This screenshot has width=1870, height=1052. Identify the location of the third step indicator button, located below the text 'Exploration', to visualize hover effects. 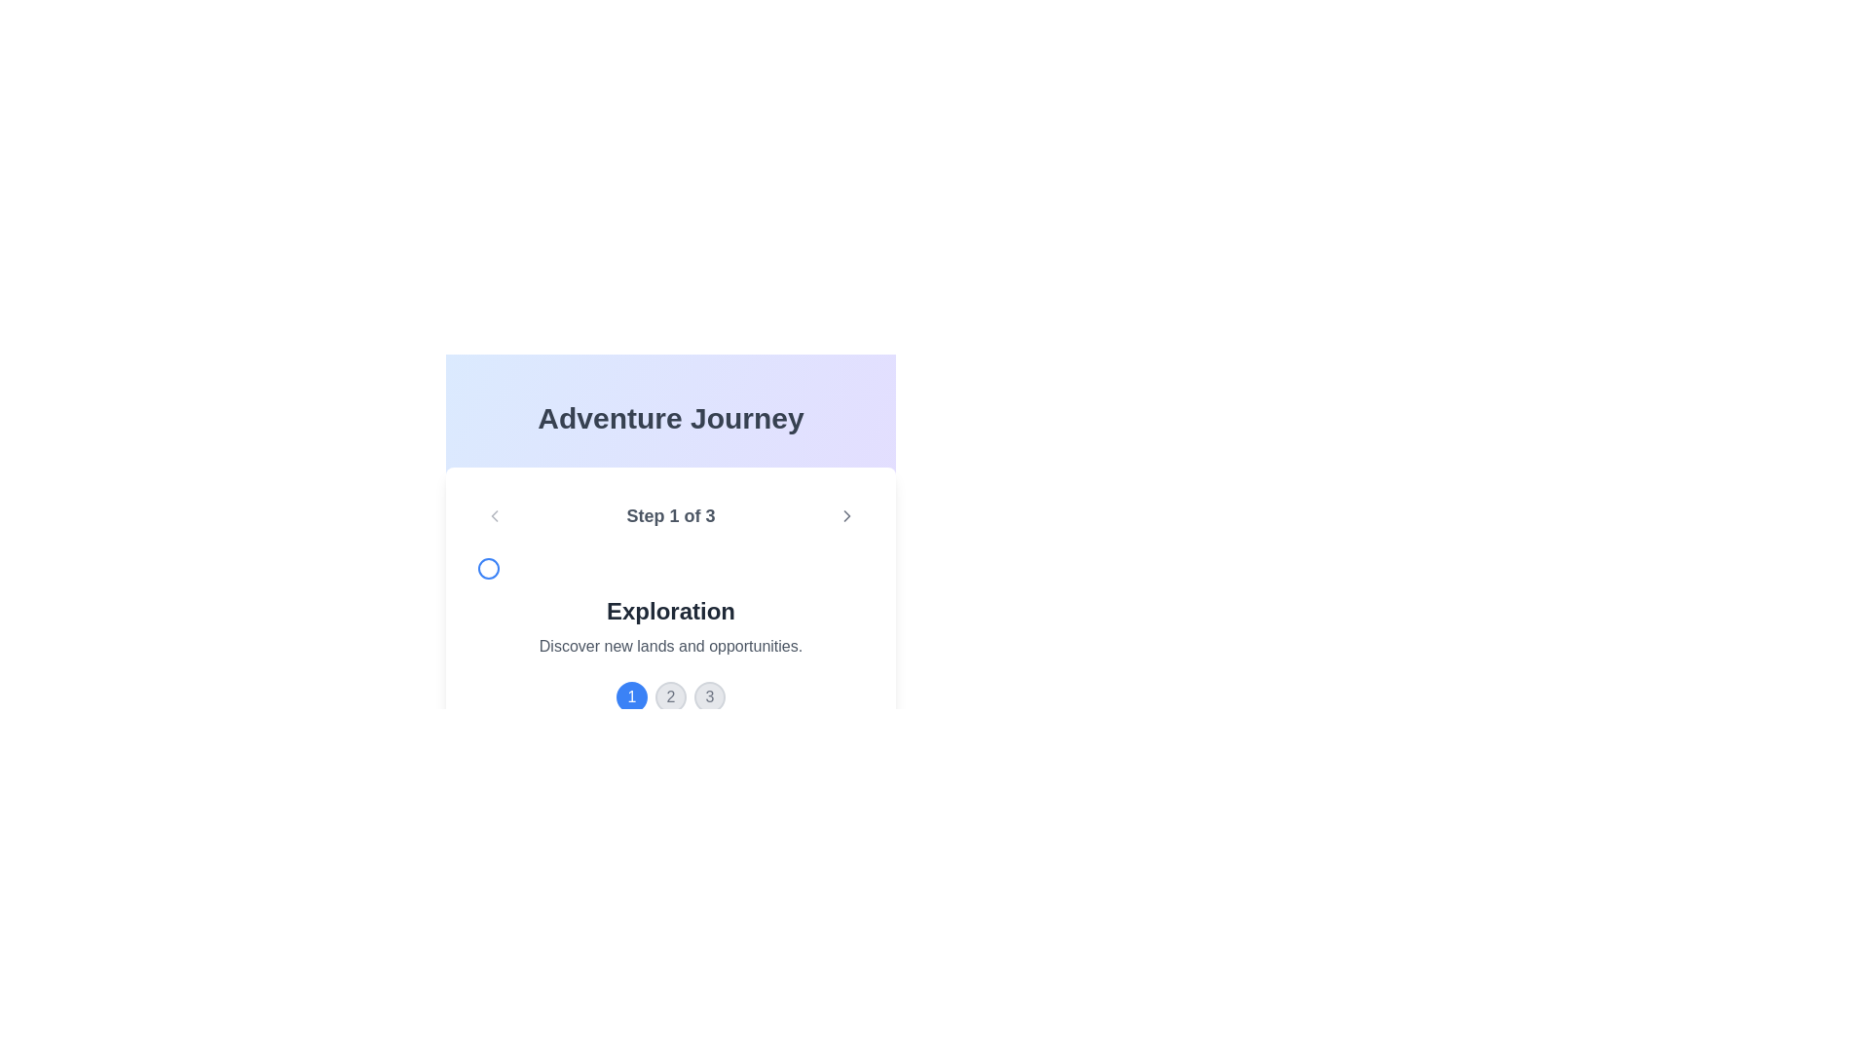
(709, 696).